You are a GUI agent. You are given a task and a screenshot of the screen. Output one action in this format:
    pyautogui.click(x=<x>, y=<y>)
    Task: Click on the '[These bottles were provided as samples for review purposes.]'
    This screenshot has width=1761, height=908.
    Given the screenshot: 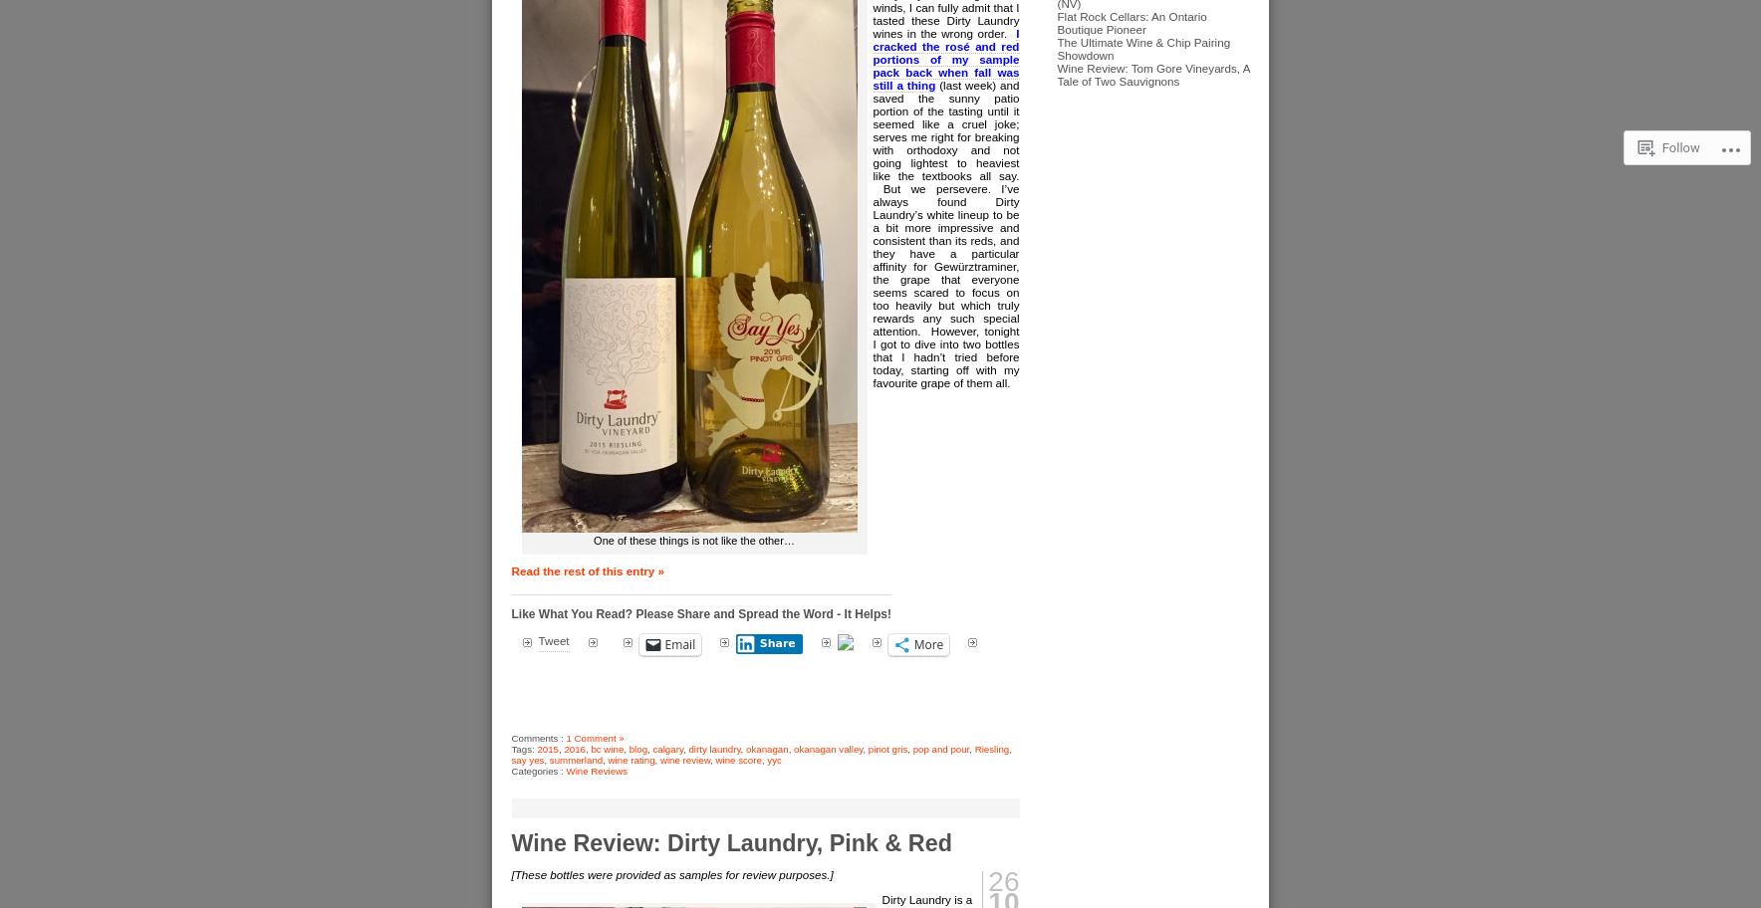 What is the action you would take?
    pyautogui.click(x=510, y=873)
    